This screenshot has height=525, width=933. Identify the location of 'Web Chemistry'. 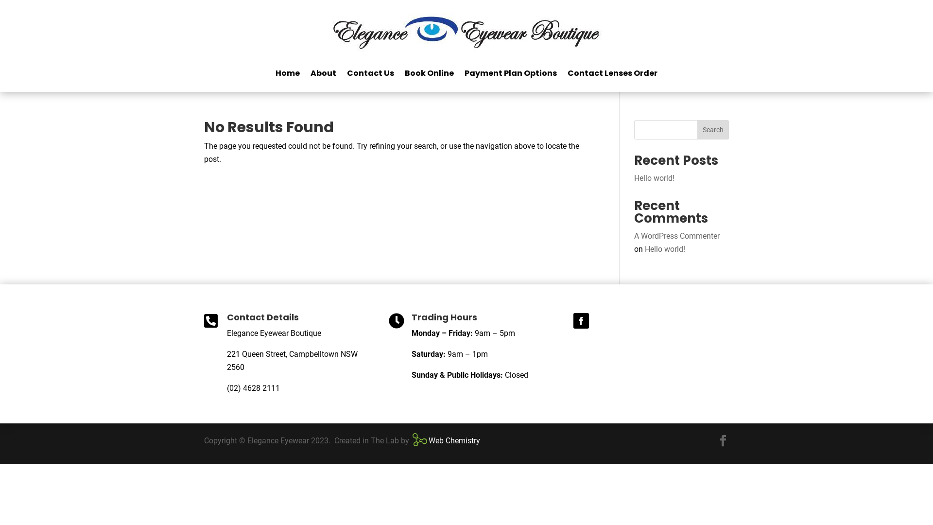
(444, 442).